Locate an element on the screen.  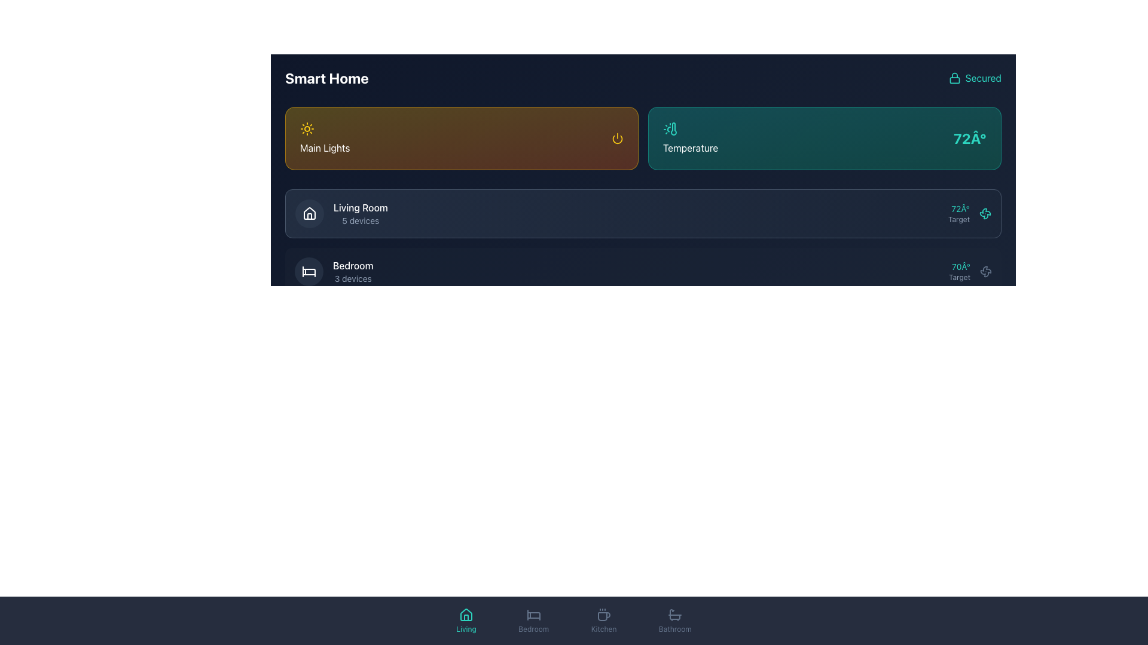
the list item entry displaying 'Living Room' with a house icon and '5 devices' below it is located at coordinates (341, 213).